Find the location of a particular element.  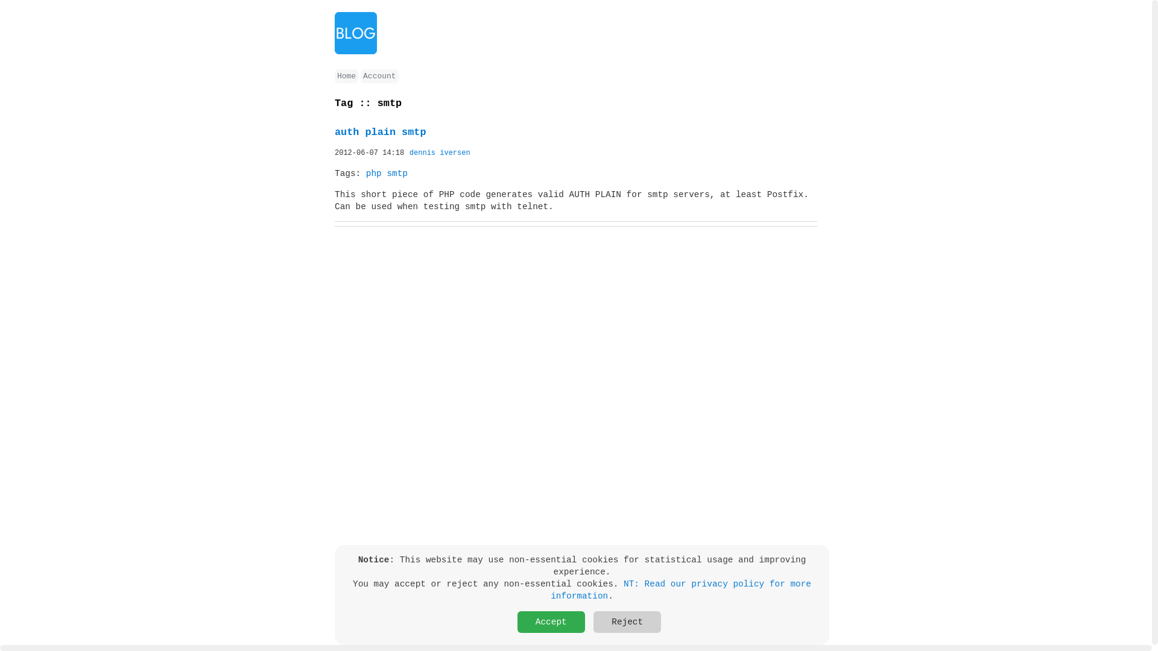

'Reject' is located at coordinates (627, 622).